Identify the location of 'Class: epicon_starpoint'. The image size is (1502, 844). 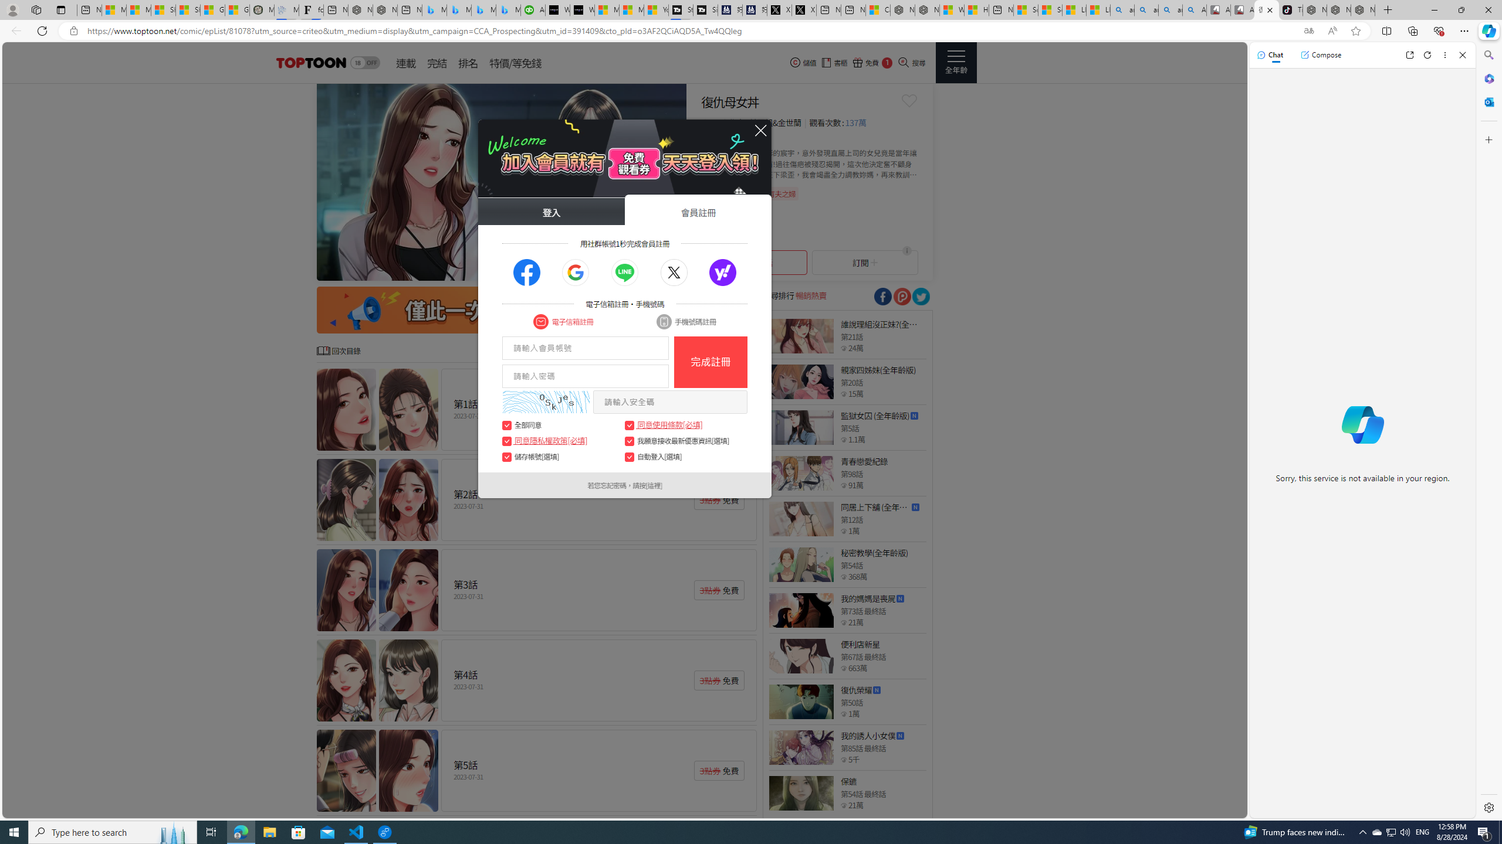
(844, 805).